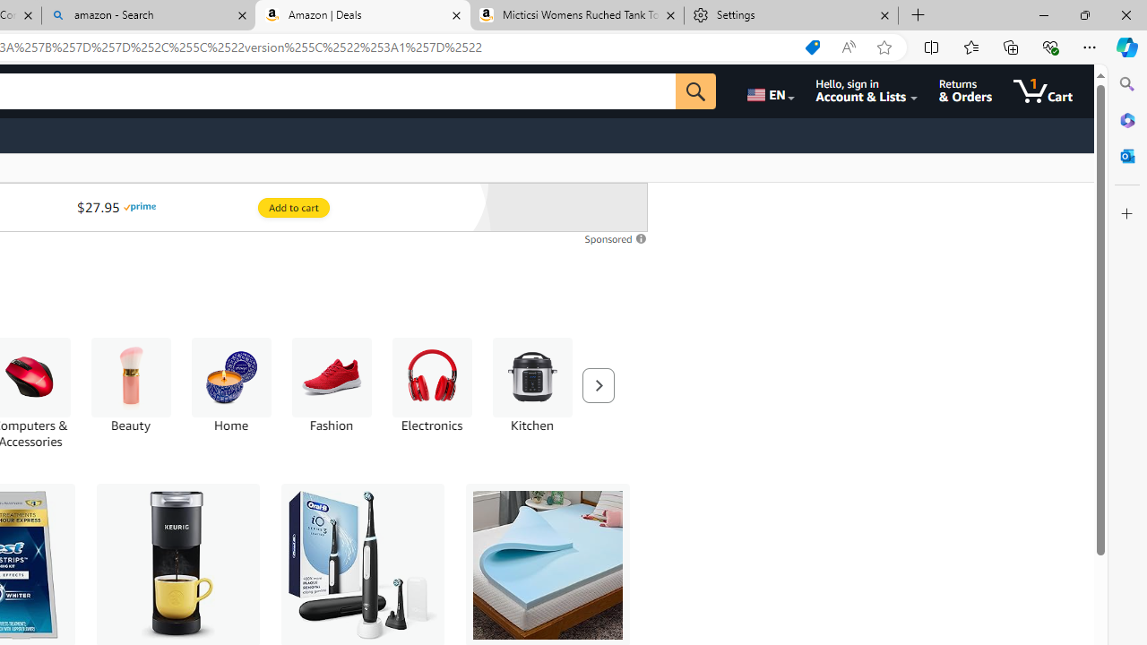  Describe the element at coordinates (331, 376) in the screenshot. I see `'Fashion'` at that location.